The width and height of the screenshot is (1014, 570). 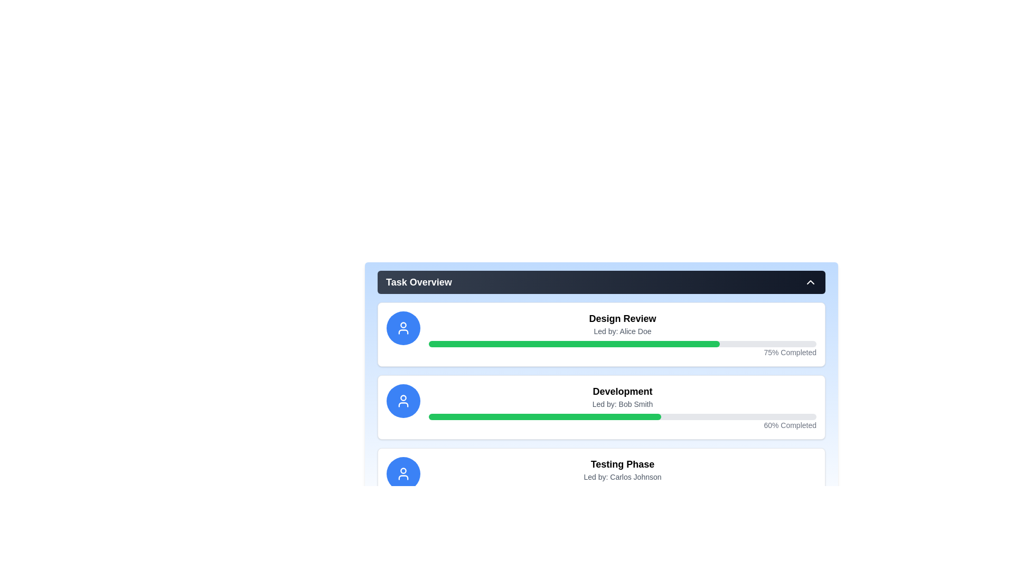 I want to click on the SVG Circle representing the head in the user profile depiction, located within the blue user profile icon, so click(x=402, y=325).